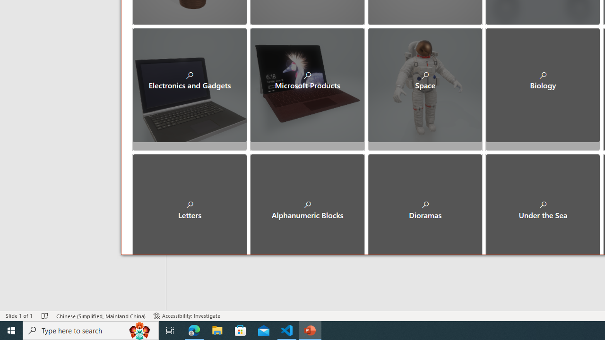  I want to click on 'Dioramas', so click(424, 202).